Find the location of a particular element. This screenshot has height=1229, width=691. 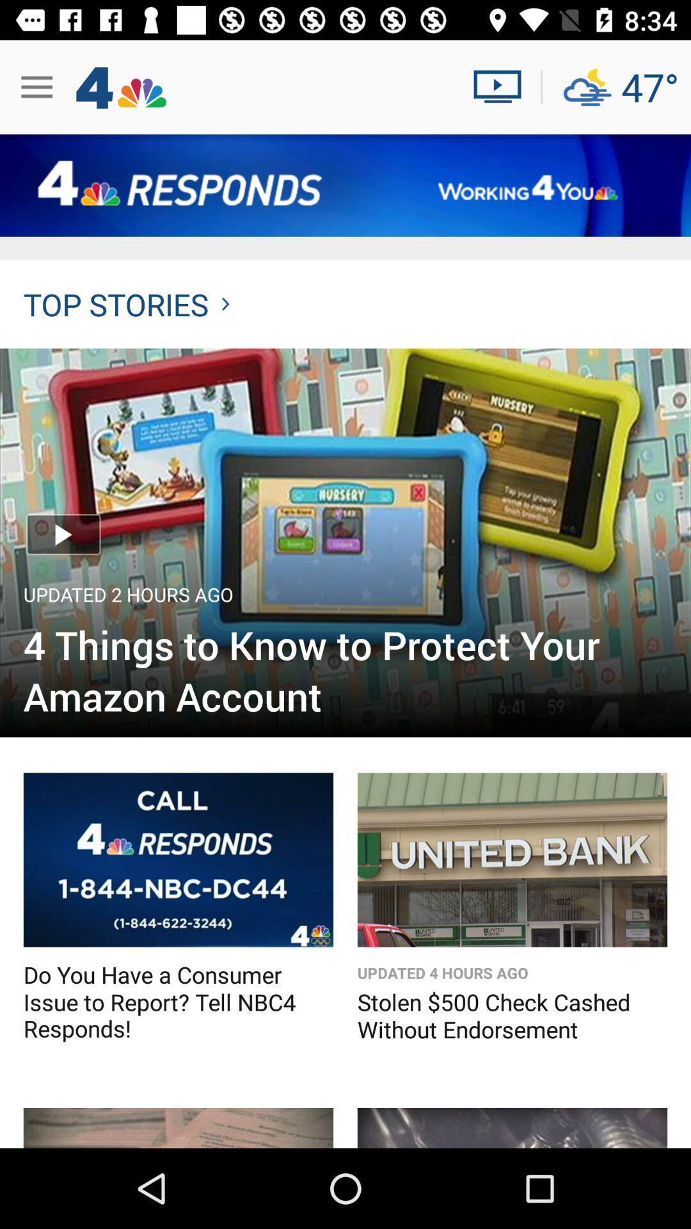

connect to monitor is located at coordinates (502, 86).